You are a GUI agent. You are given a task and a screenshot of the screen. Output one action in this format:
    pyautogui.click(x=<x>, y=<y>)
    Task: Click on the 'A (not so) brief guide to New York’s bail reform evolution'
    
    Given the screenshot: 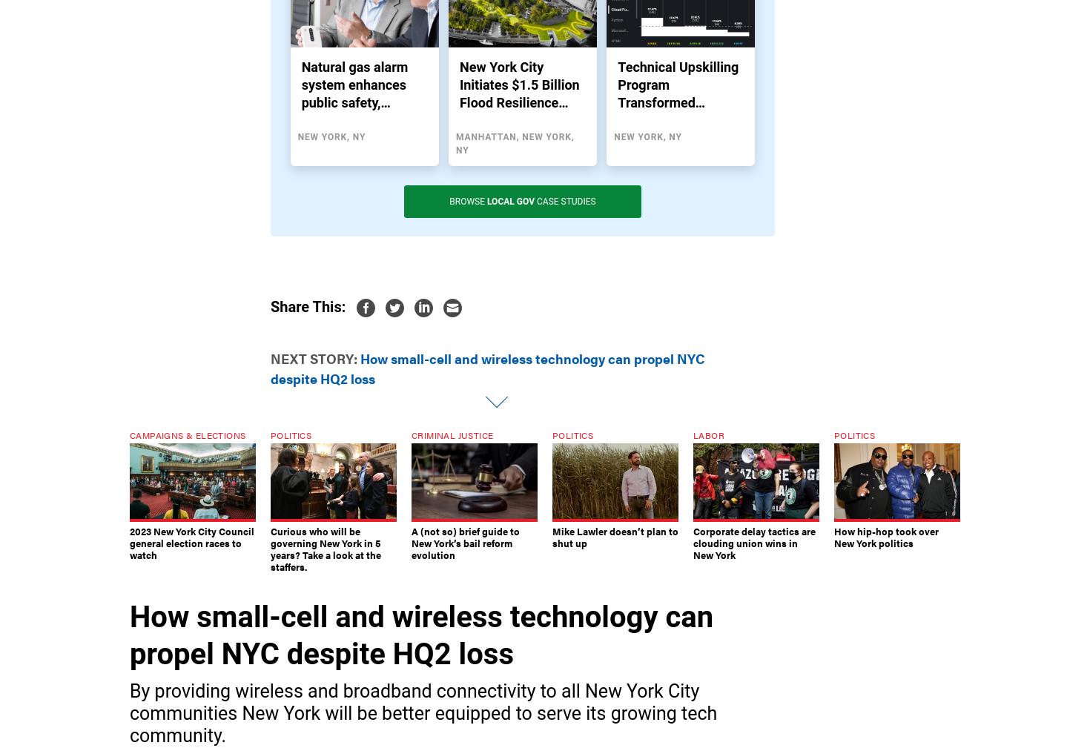 What is the action you would take?
    pyautogui.click(x=465, y=543)
    